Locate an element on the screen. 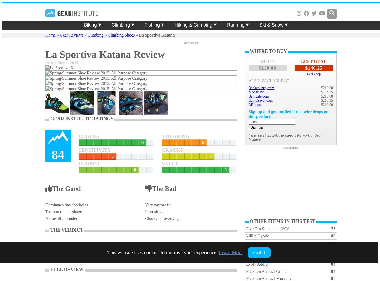 The width and height of the screenshot is (380, 281). 'La Sportiva TC Pro' is located at coordinates (246, 257).